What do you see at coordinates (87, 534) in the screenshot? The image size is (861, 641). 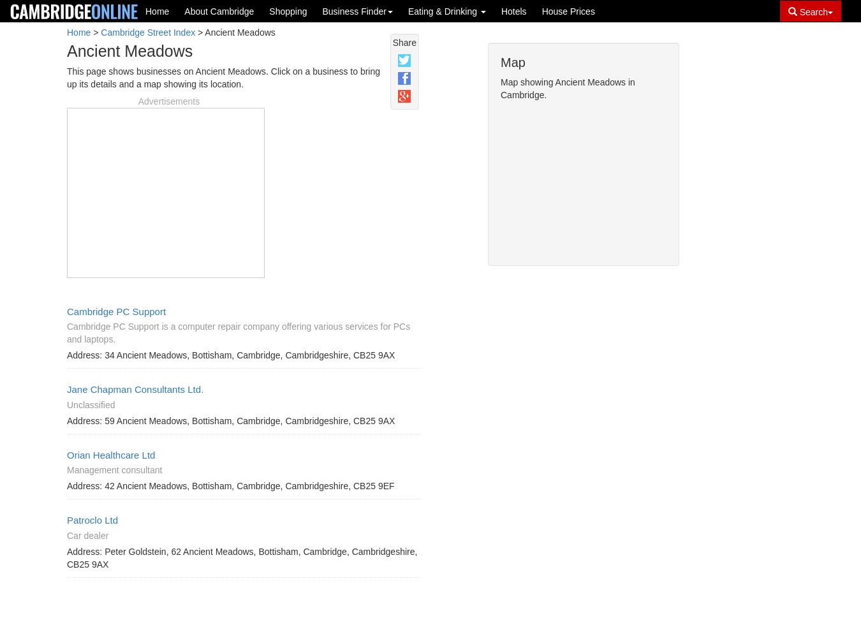 I see `'Car dealer'` at bounding box center [87, 534].